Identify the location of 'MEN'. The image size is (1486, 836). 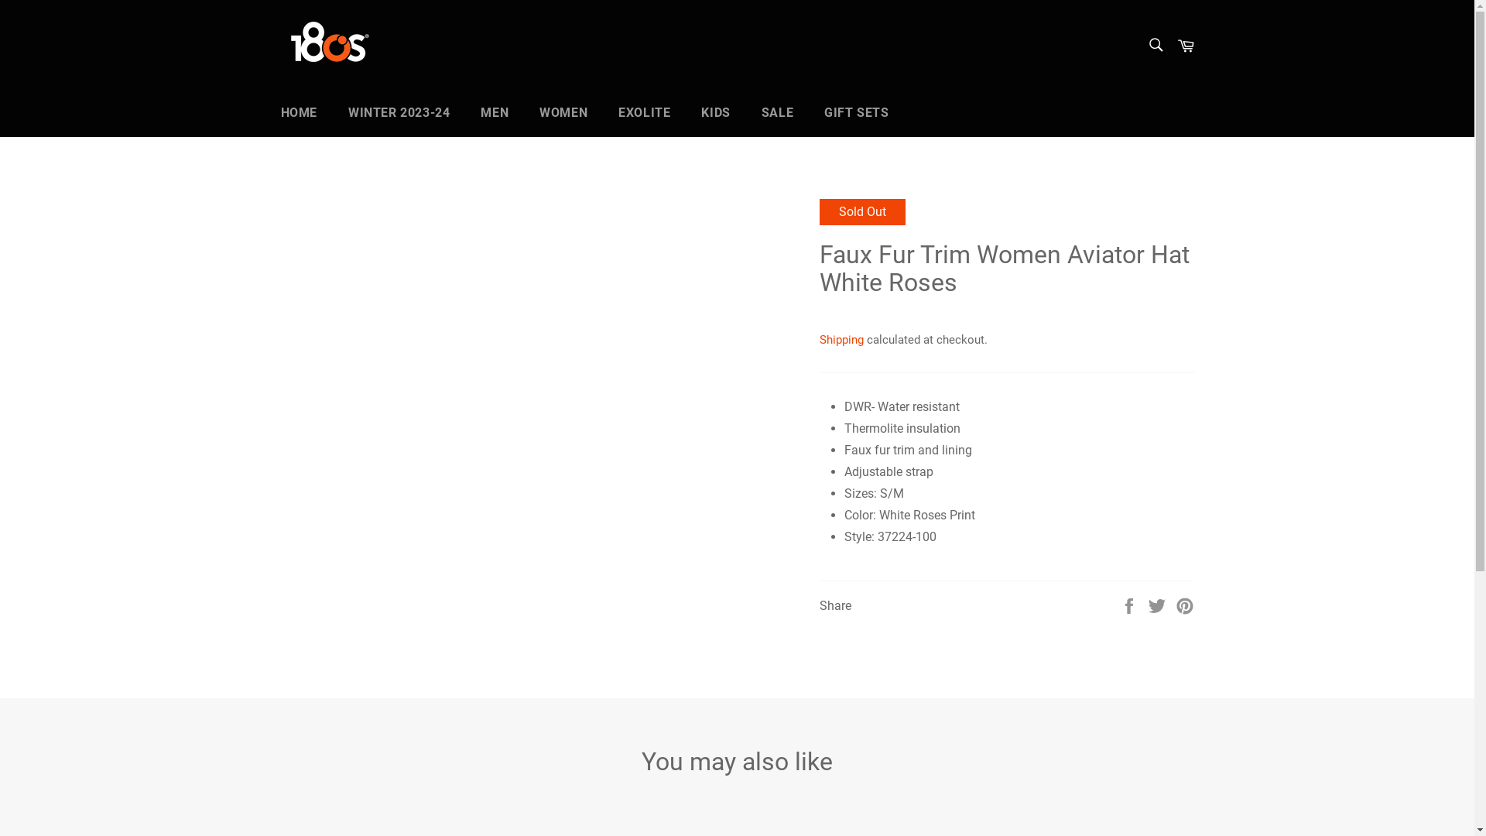
(493, 112).